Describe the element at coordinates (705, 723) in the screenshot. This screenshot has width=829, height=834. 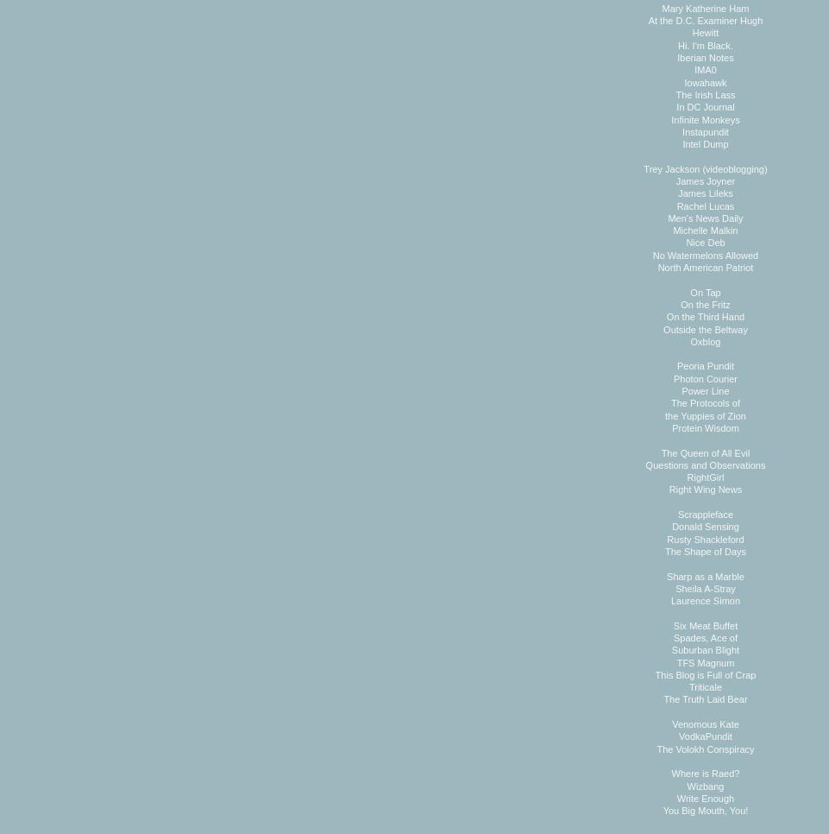
I see `'Venomous Kate'` at that location.